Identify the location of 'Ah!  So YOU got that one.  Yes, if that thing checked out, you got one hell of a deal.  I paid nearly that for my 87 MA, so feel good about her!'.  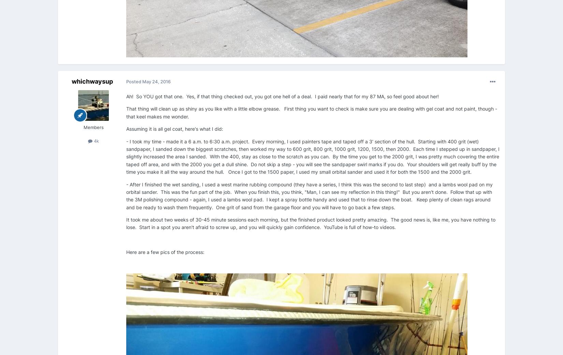
(284, 96).